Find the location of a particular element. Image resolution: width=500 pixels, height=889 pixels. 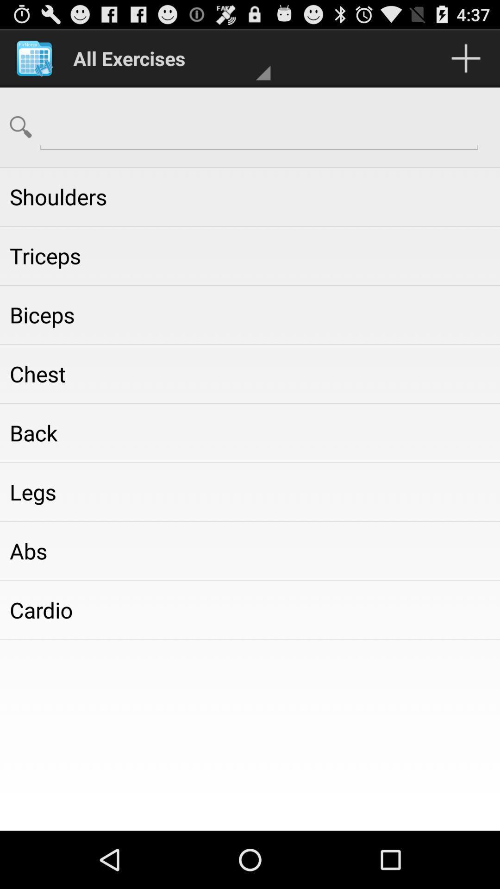

search bar is located at coordinates (259, 126).